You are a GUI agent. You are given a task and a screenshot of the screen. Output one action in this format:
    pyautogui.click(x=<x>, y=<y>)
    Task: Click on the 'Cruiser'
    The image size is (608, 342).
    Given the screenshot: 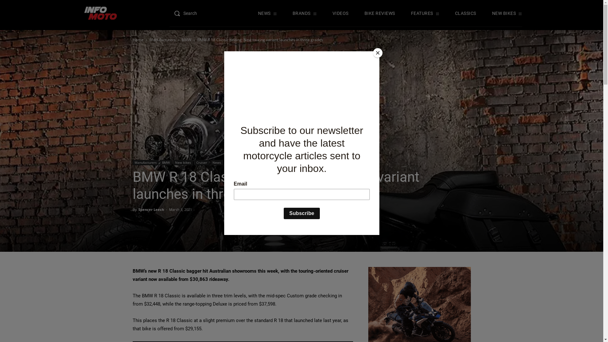 What is the action you would take?
    pyautogui.click(x=201, y=162)
    